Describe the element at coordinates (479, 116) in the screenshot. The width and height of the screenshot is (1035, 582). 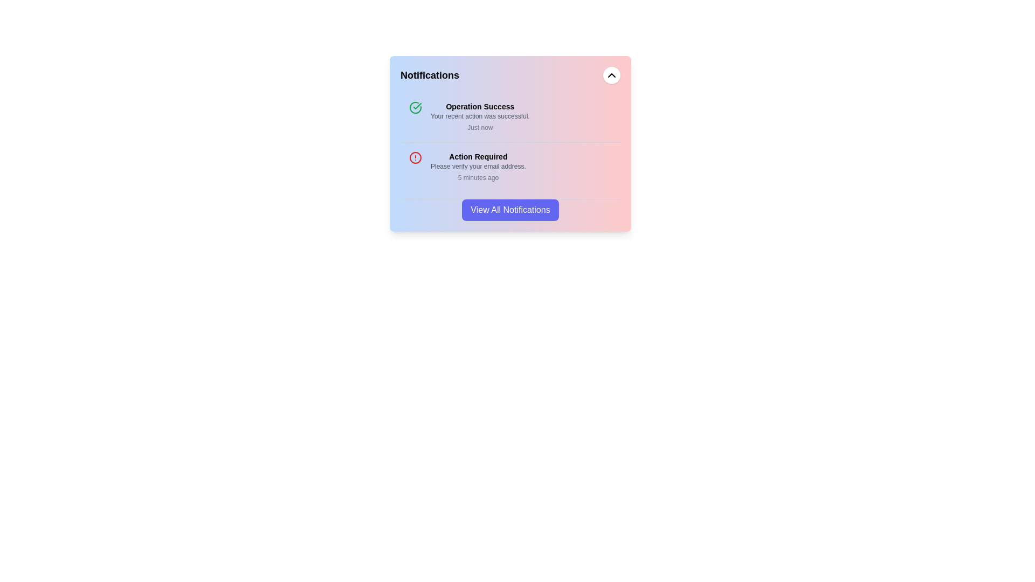
I see `the Text Label indicating the success of the user's last action, positioned beneath the title 'Operation Success' and above the timestamp 'Just now' in the notification component` at that location.